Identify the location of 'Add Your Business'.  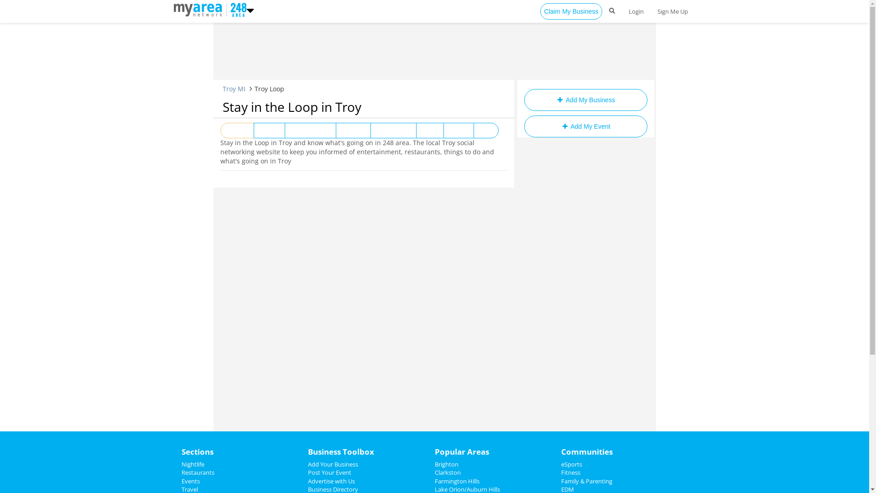
(308, 464).